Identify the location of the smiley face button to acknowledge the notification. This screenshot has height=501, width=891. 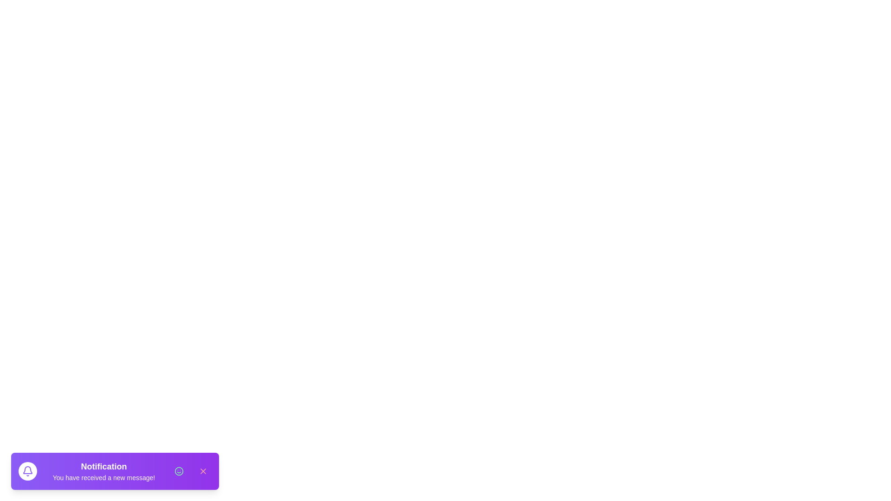
(179, 471).